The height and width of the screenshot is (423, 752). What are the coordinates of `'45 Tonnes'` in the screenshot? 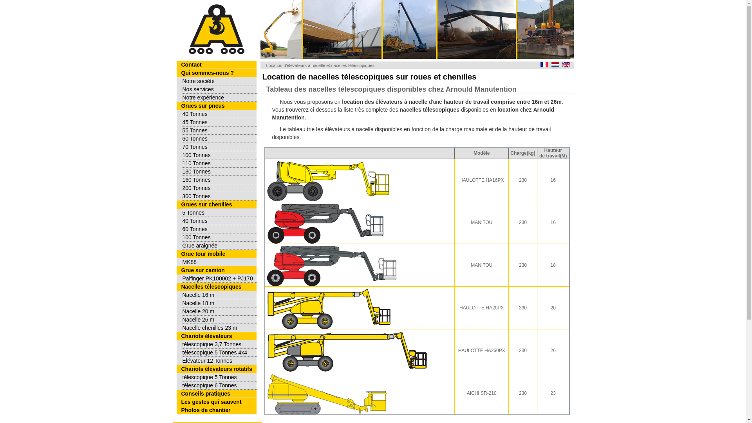 It's located at (219, 122).